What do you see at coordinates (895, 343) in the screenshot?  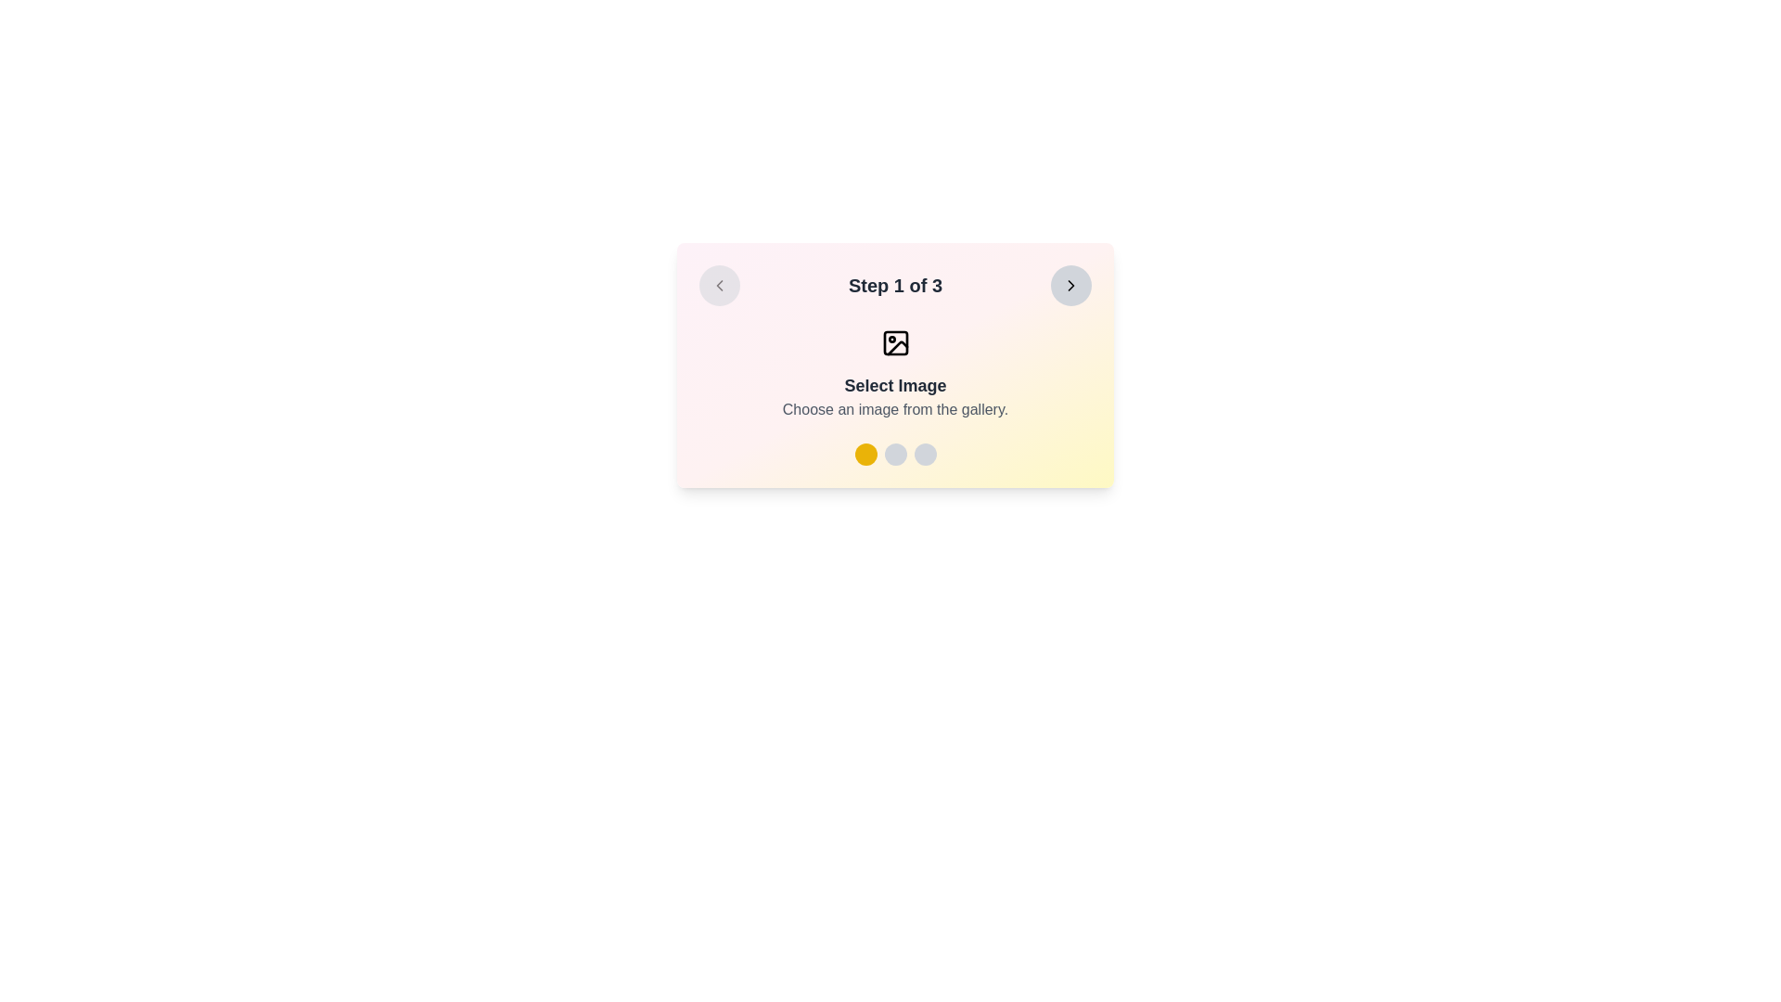 I see `the image placeholder icon located at the top-center of the card titled 'Step 1 of 3', which is above the text content and below the card's title` at bounding box center [895, 343].